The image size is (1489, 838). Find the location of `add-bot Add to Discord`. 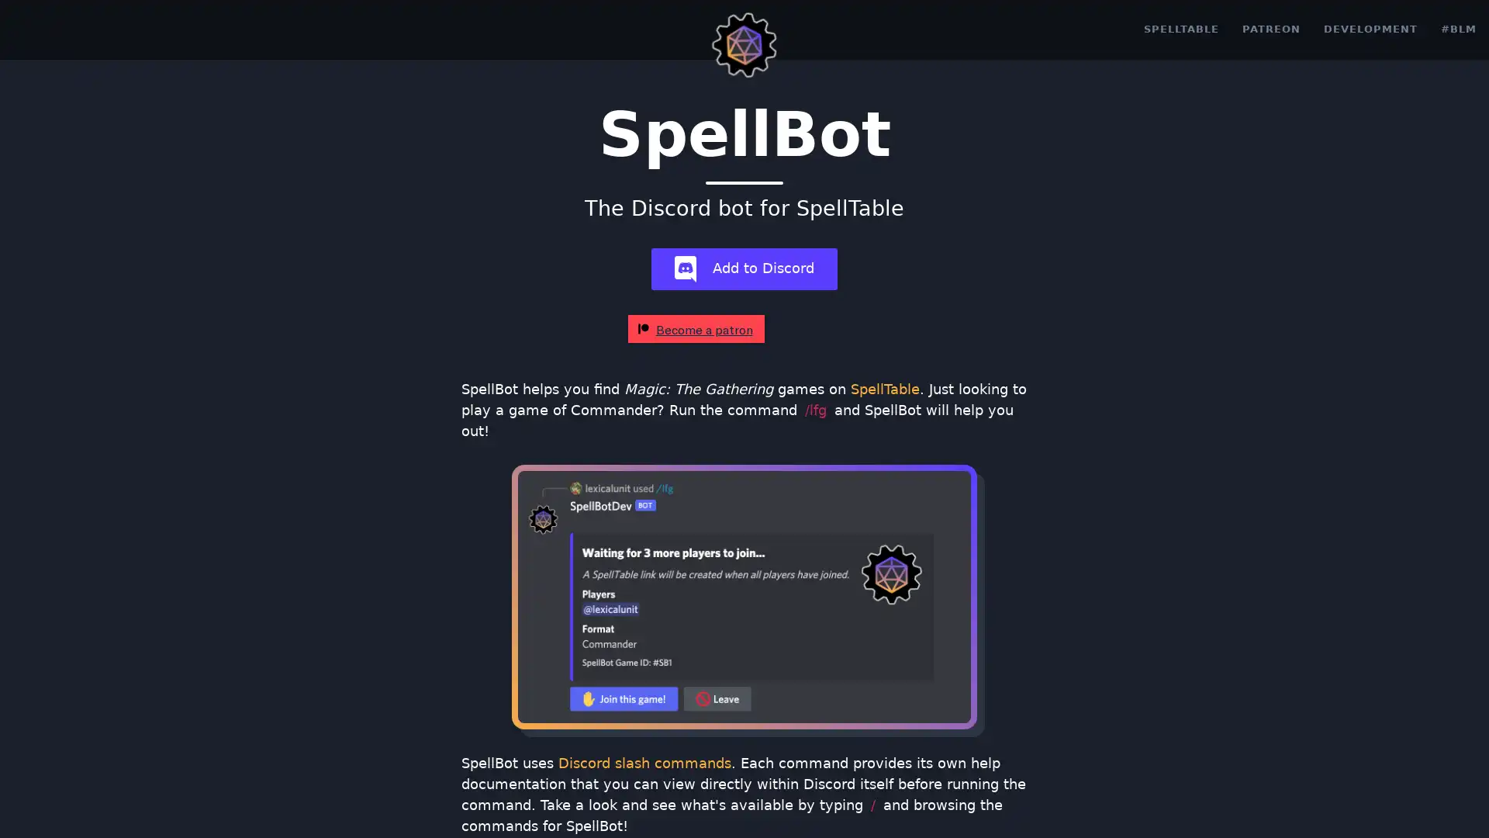

add-bot Add to Discord is located at coordinates (744, 268).